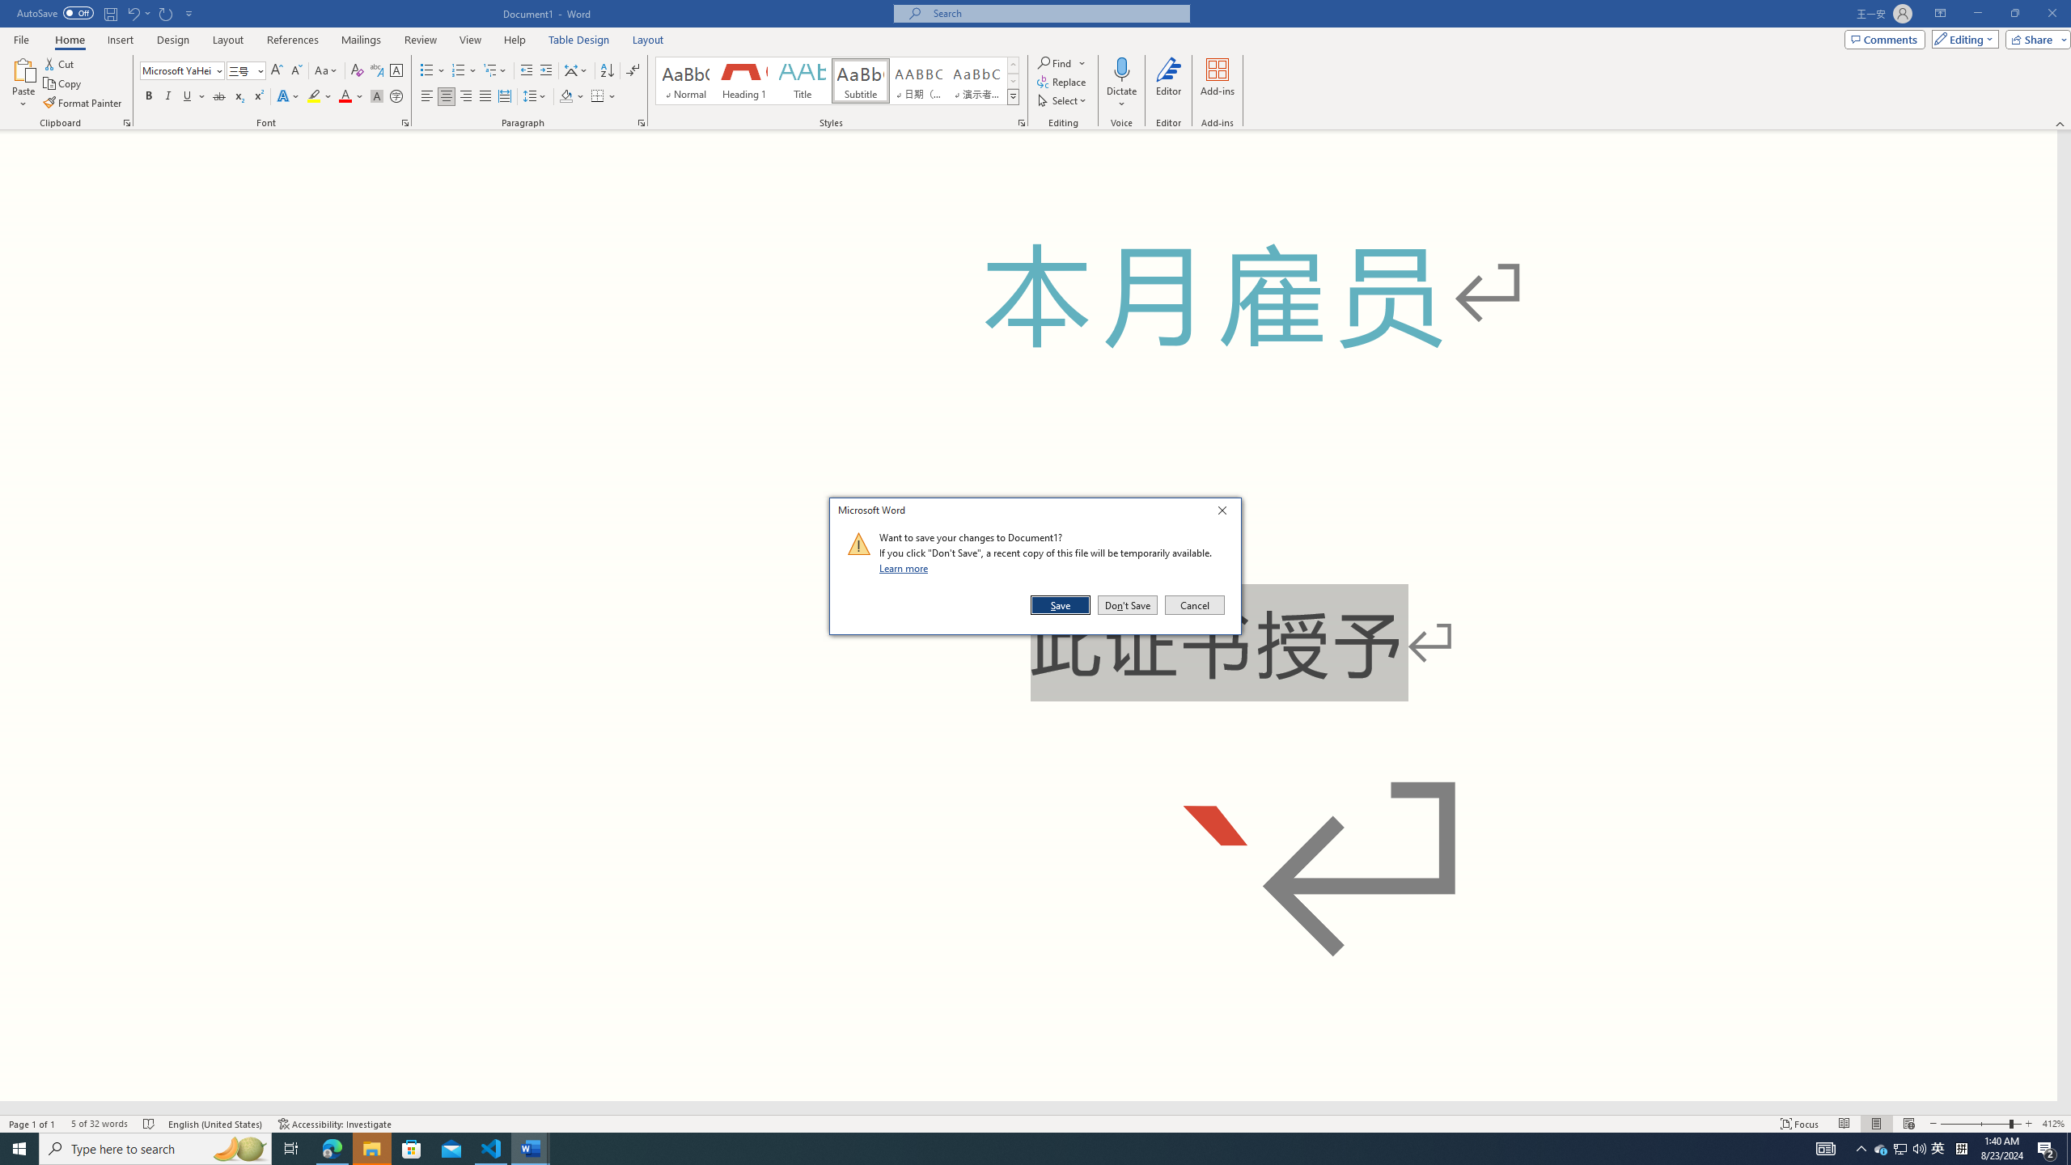  Describe the element at coordinates (1824, 1147) in the screenshot. I see `'AutomationID: 4105'` at that location.